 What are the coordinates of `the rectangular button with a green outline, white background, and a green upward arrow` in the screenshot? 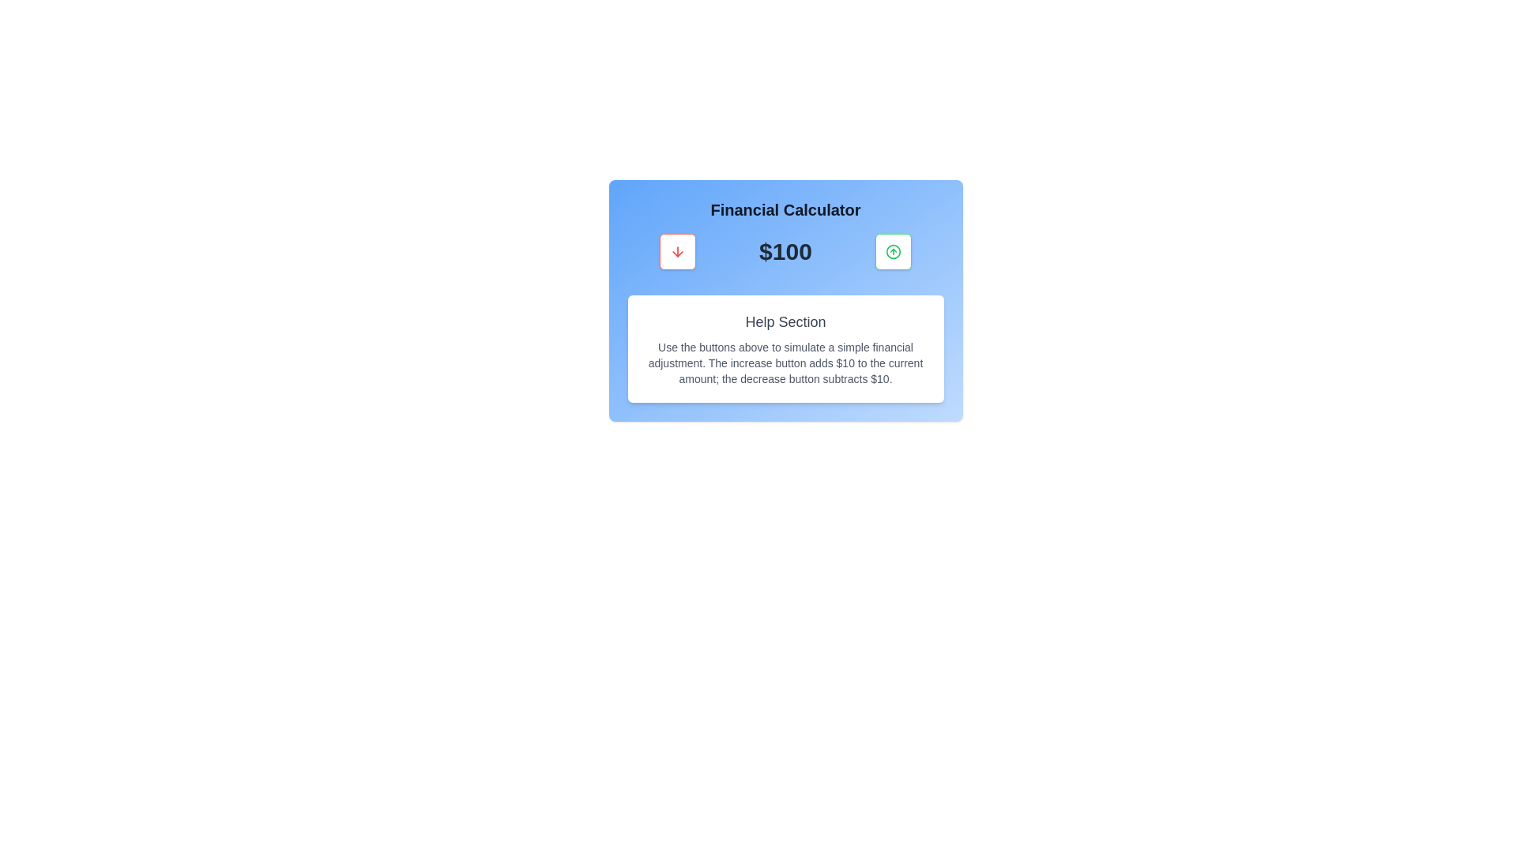 It's located at (894, 251).